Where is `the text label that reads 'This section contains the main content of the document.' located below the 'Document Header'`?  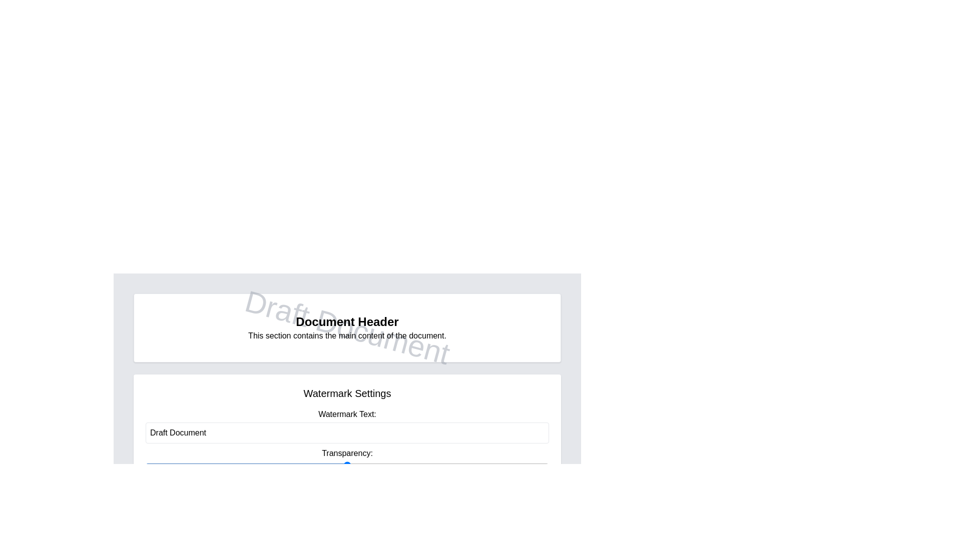
the text label that reads 'This section contains the main content of the document.' located below the 'Document Header' is located at coordinates (347, 335).